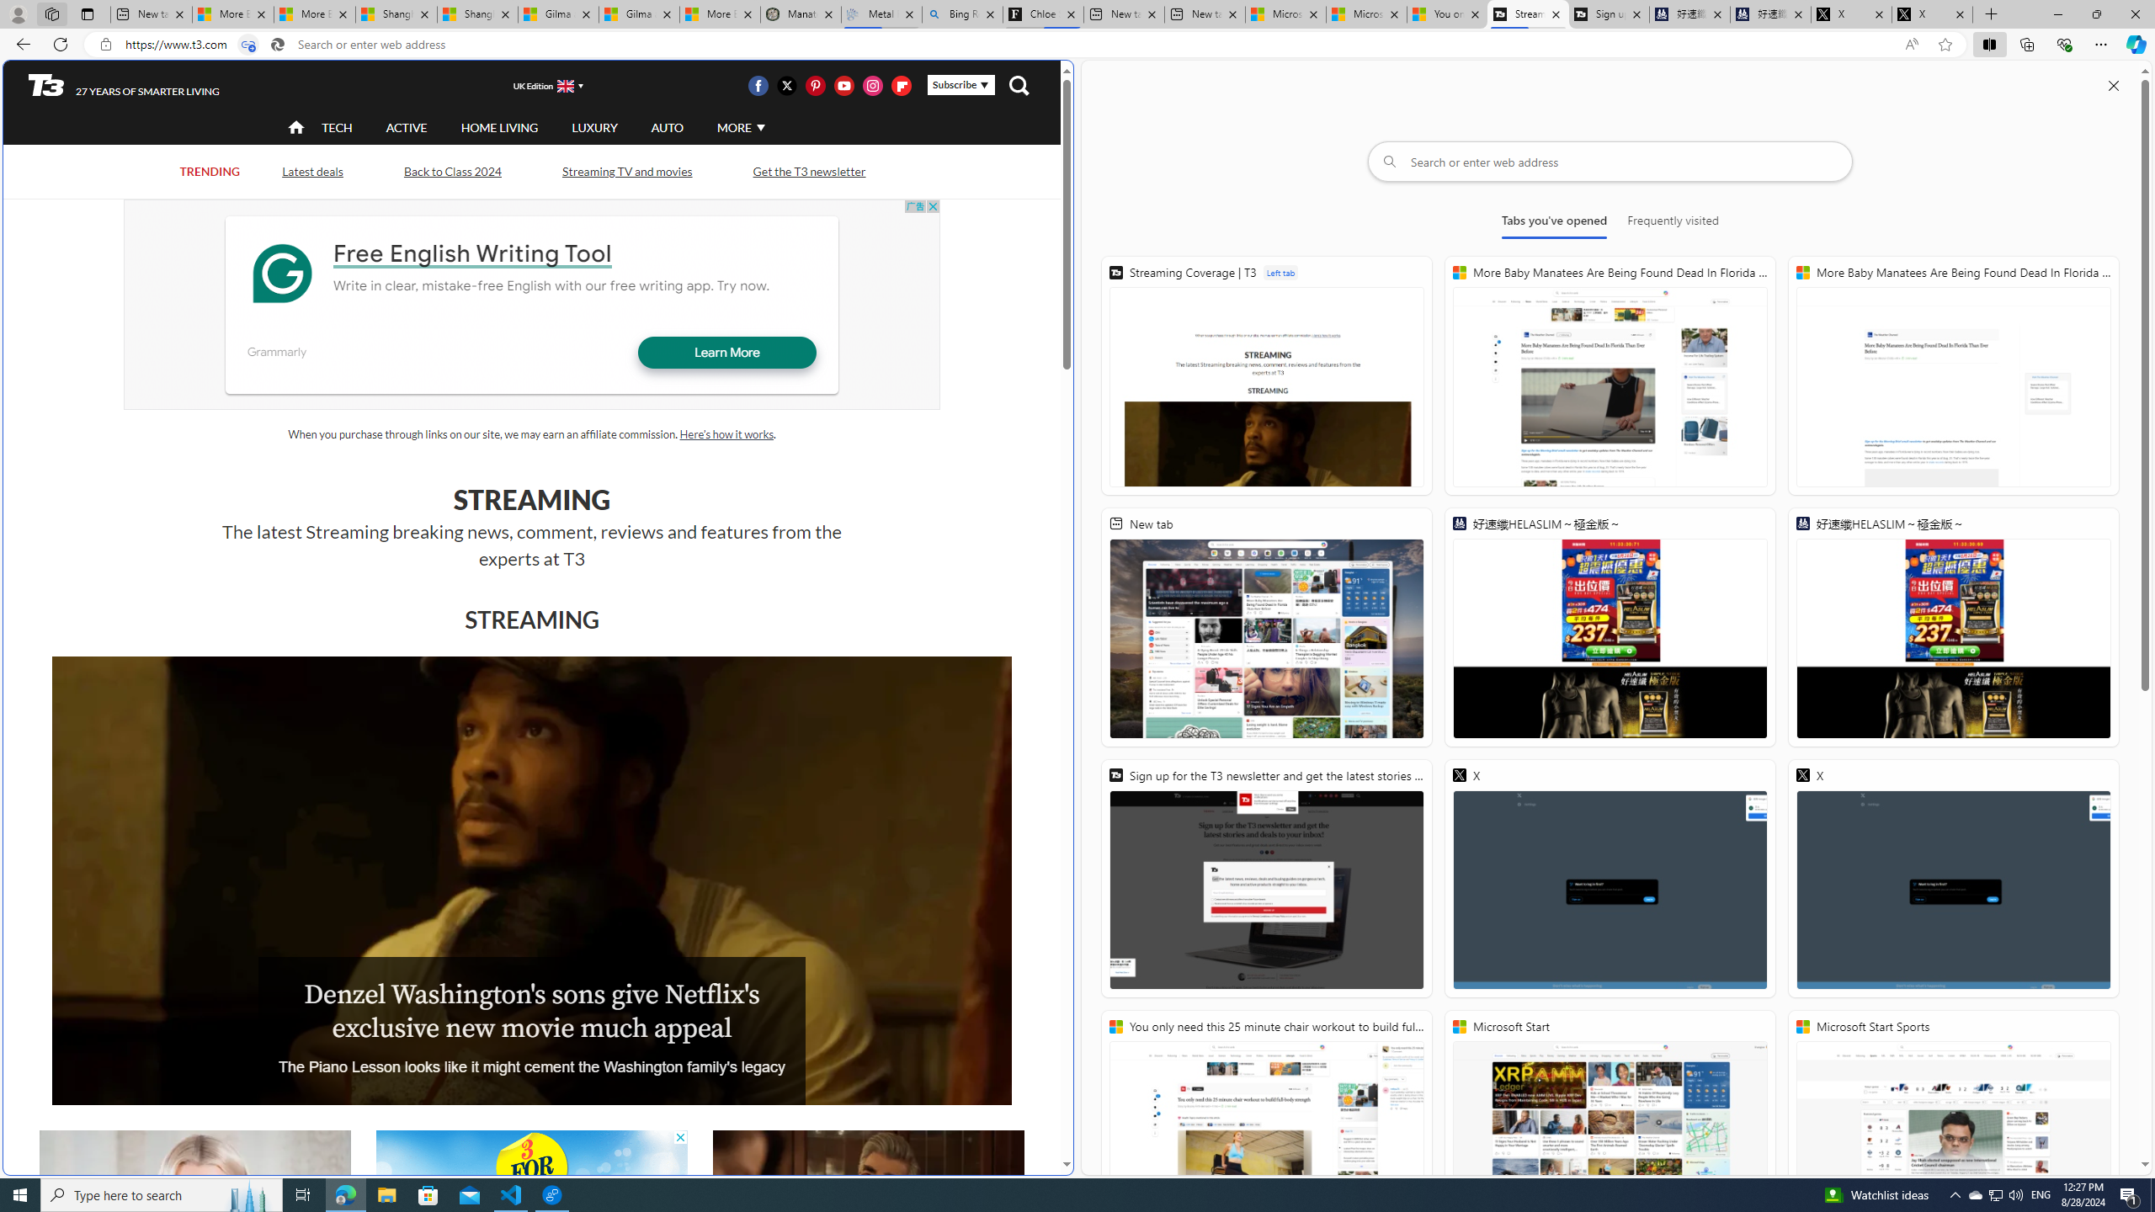  I want to click on 'Class: icon-svg', so click(902, 84).